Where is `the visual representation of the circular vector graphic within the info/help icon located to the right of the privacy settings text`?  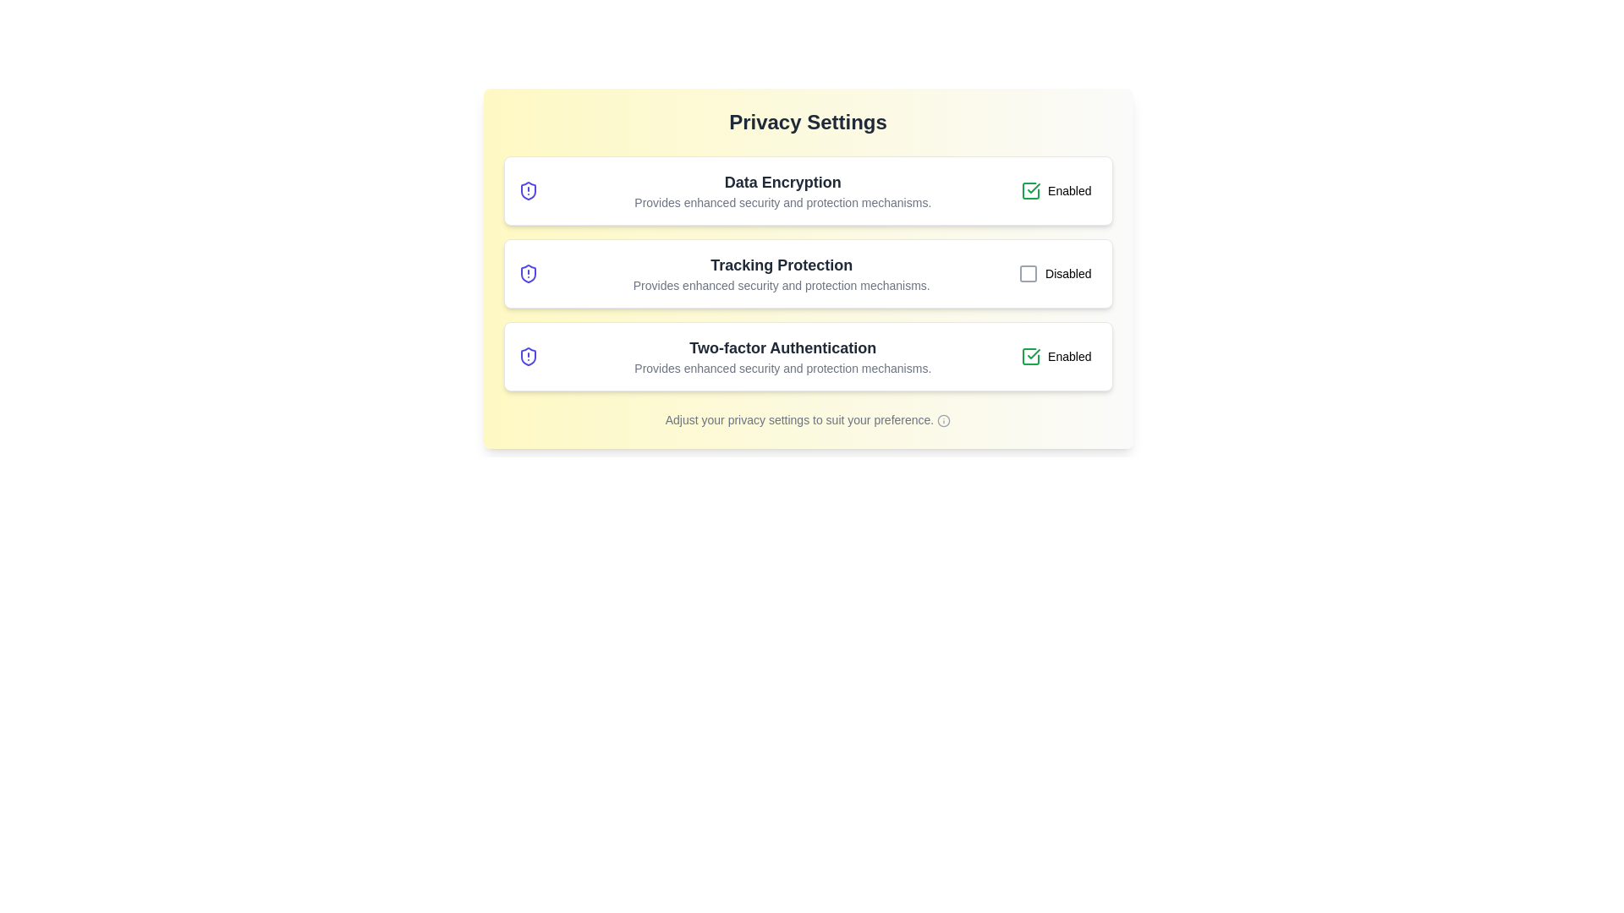
the visual representation of the circular vector graphic within the info/help icon located to the right of the privacy settings text is located at coordinates (943, 420).